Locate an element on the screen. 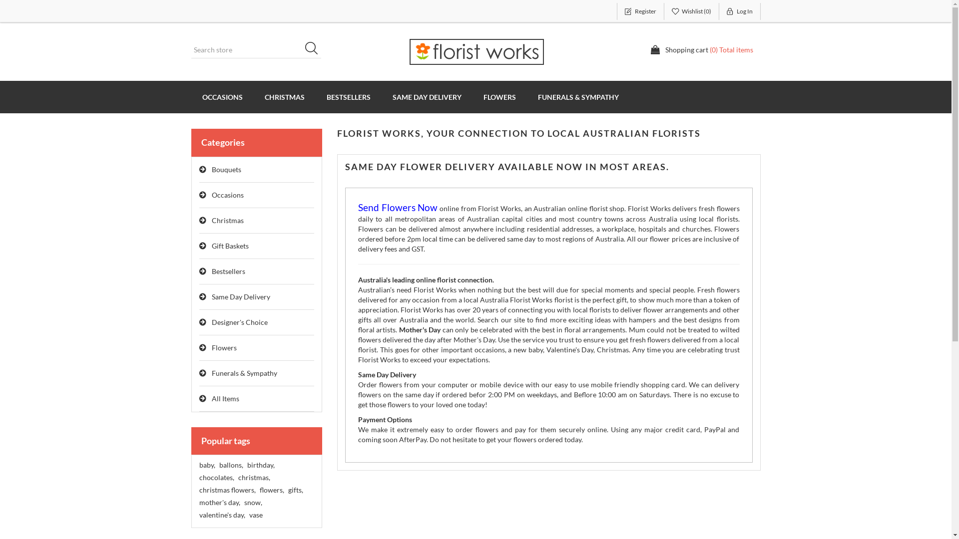 Image resolution: width=959 pixels, height=539 pixels. 'snow,' is located at coordinates (244, 502).